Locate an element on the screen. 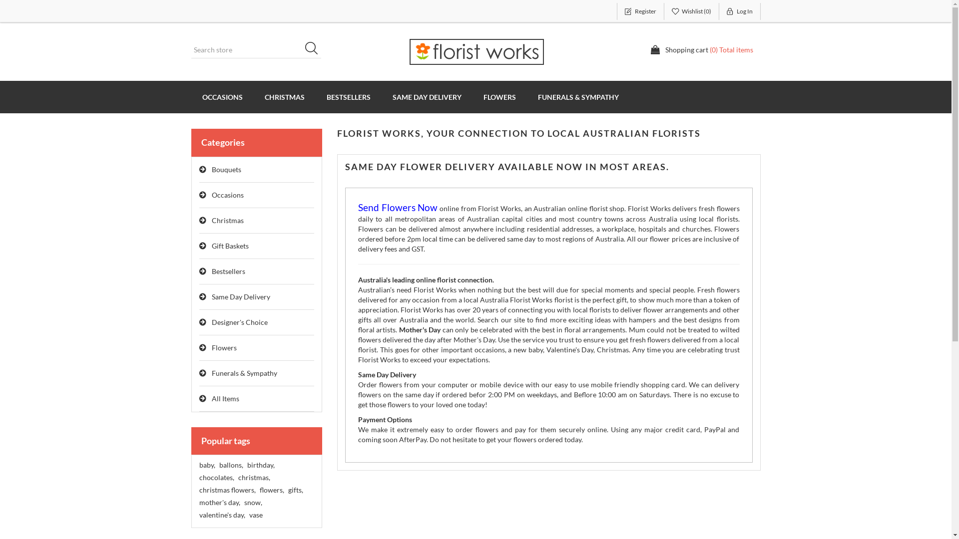 Image resolution: width=959 pixels, height=539 pixels. 'snow,' is located at coordinates (244, 502).